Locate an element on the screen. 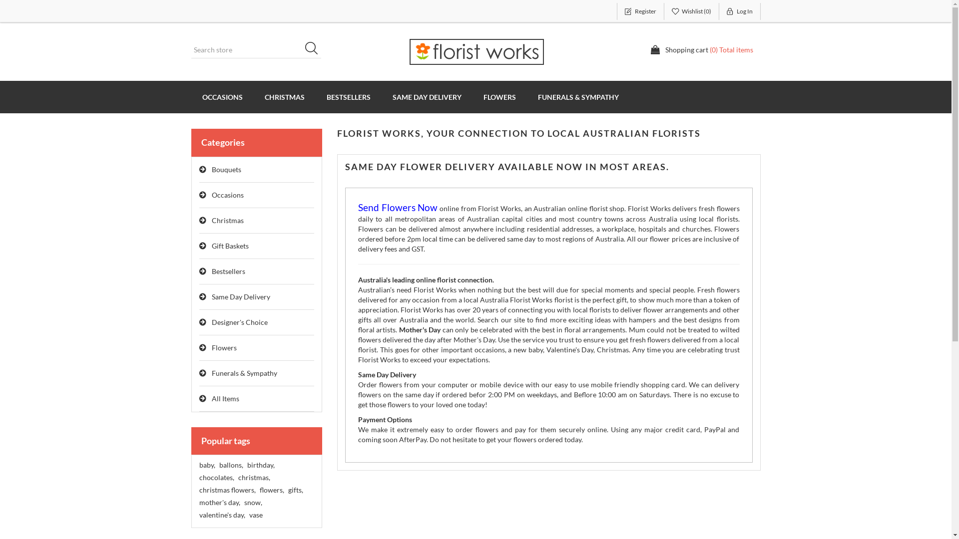 Image resolution: width=959 pixels, height=539 pixels. 'snow,' is located at coordinates (244, 502).